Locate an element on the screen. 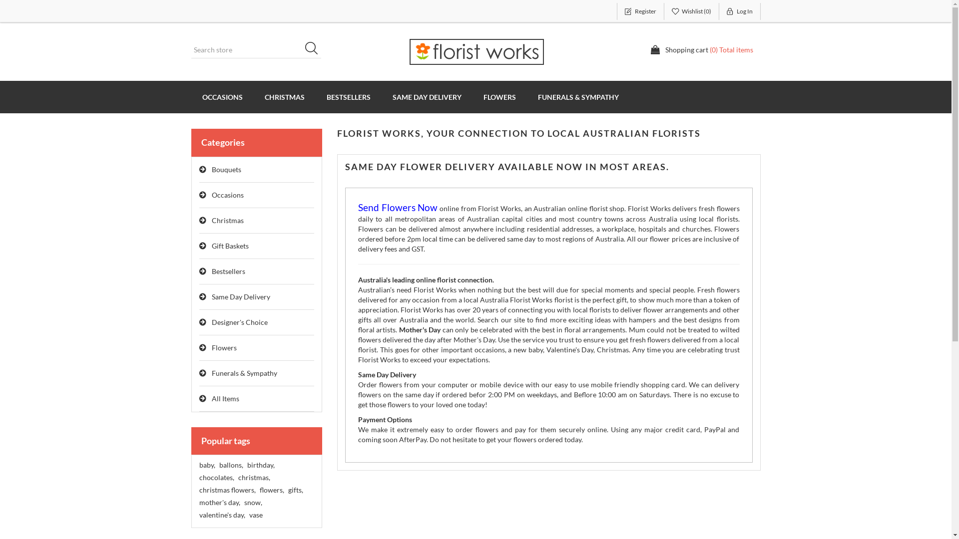 Image resolution: width=959 pixels, height=539 pixels. 'snow,' is located at coordinates (244, 502).